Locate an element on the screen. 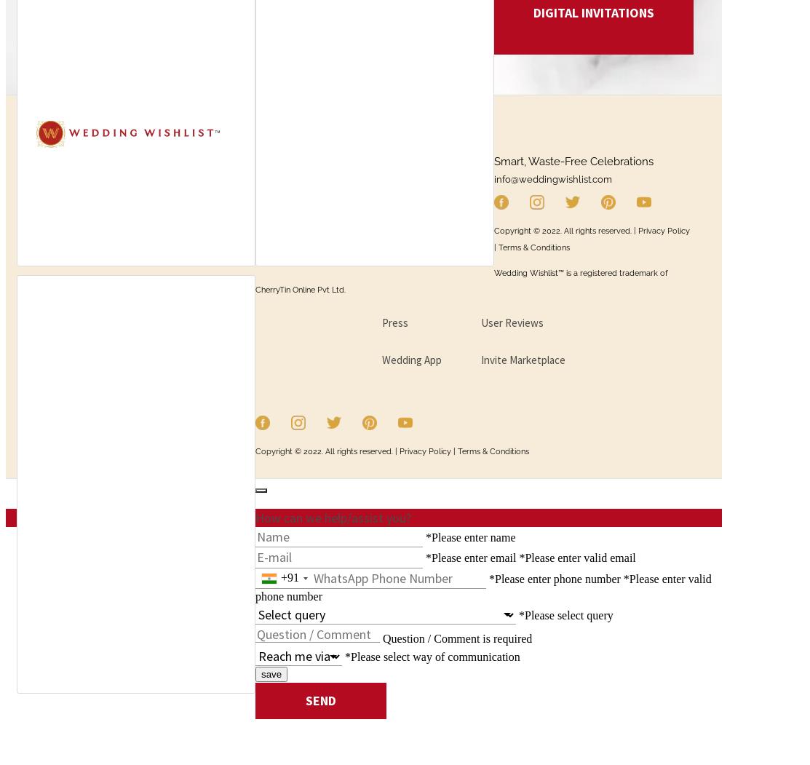 Image resolution: width=810 pixels, height=765 pixels. 'How can we help/assist you?' is located at coordinates (255, 516).